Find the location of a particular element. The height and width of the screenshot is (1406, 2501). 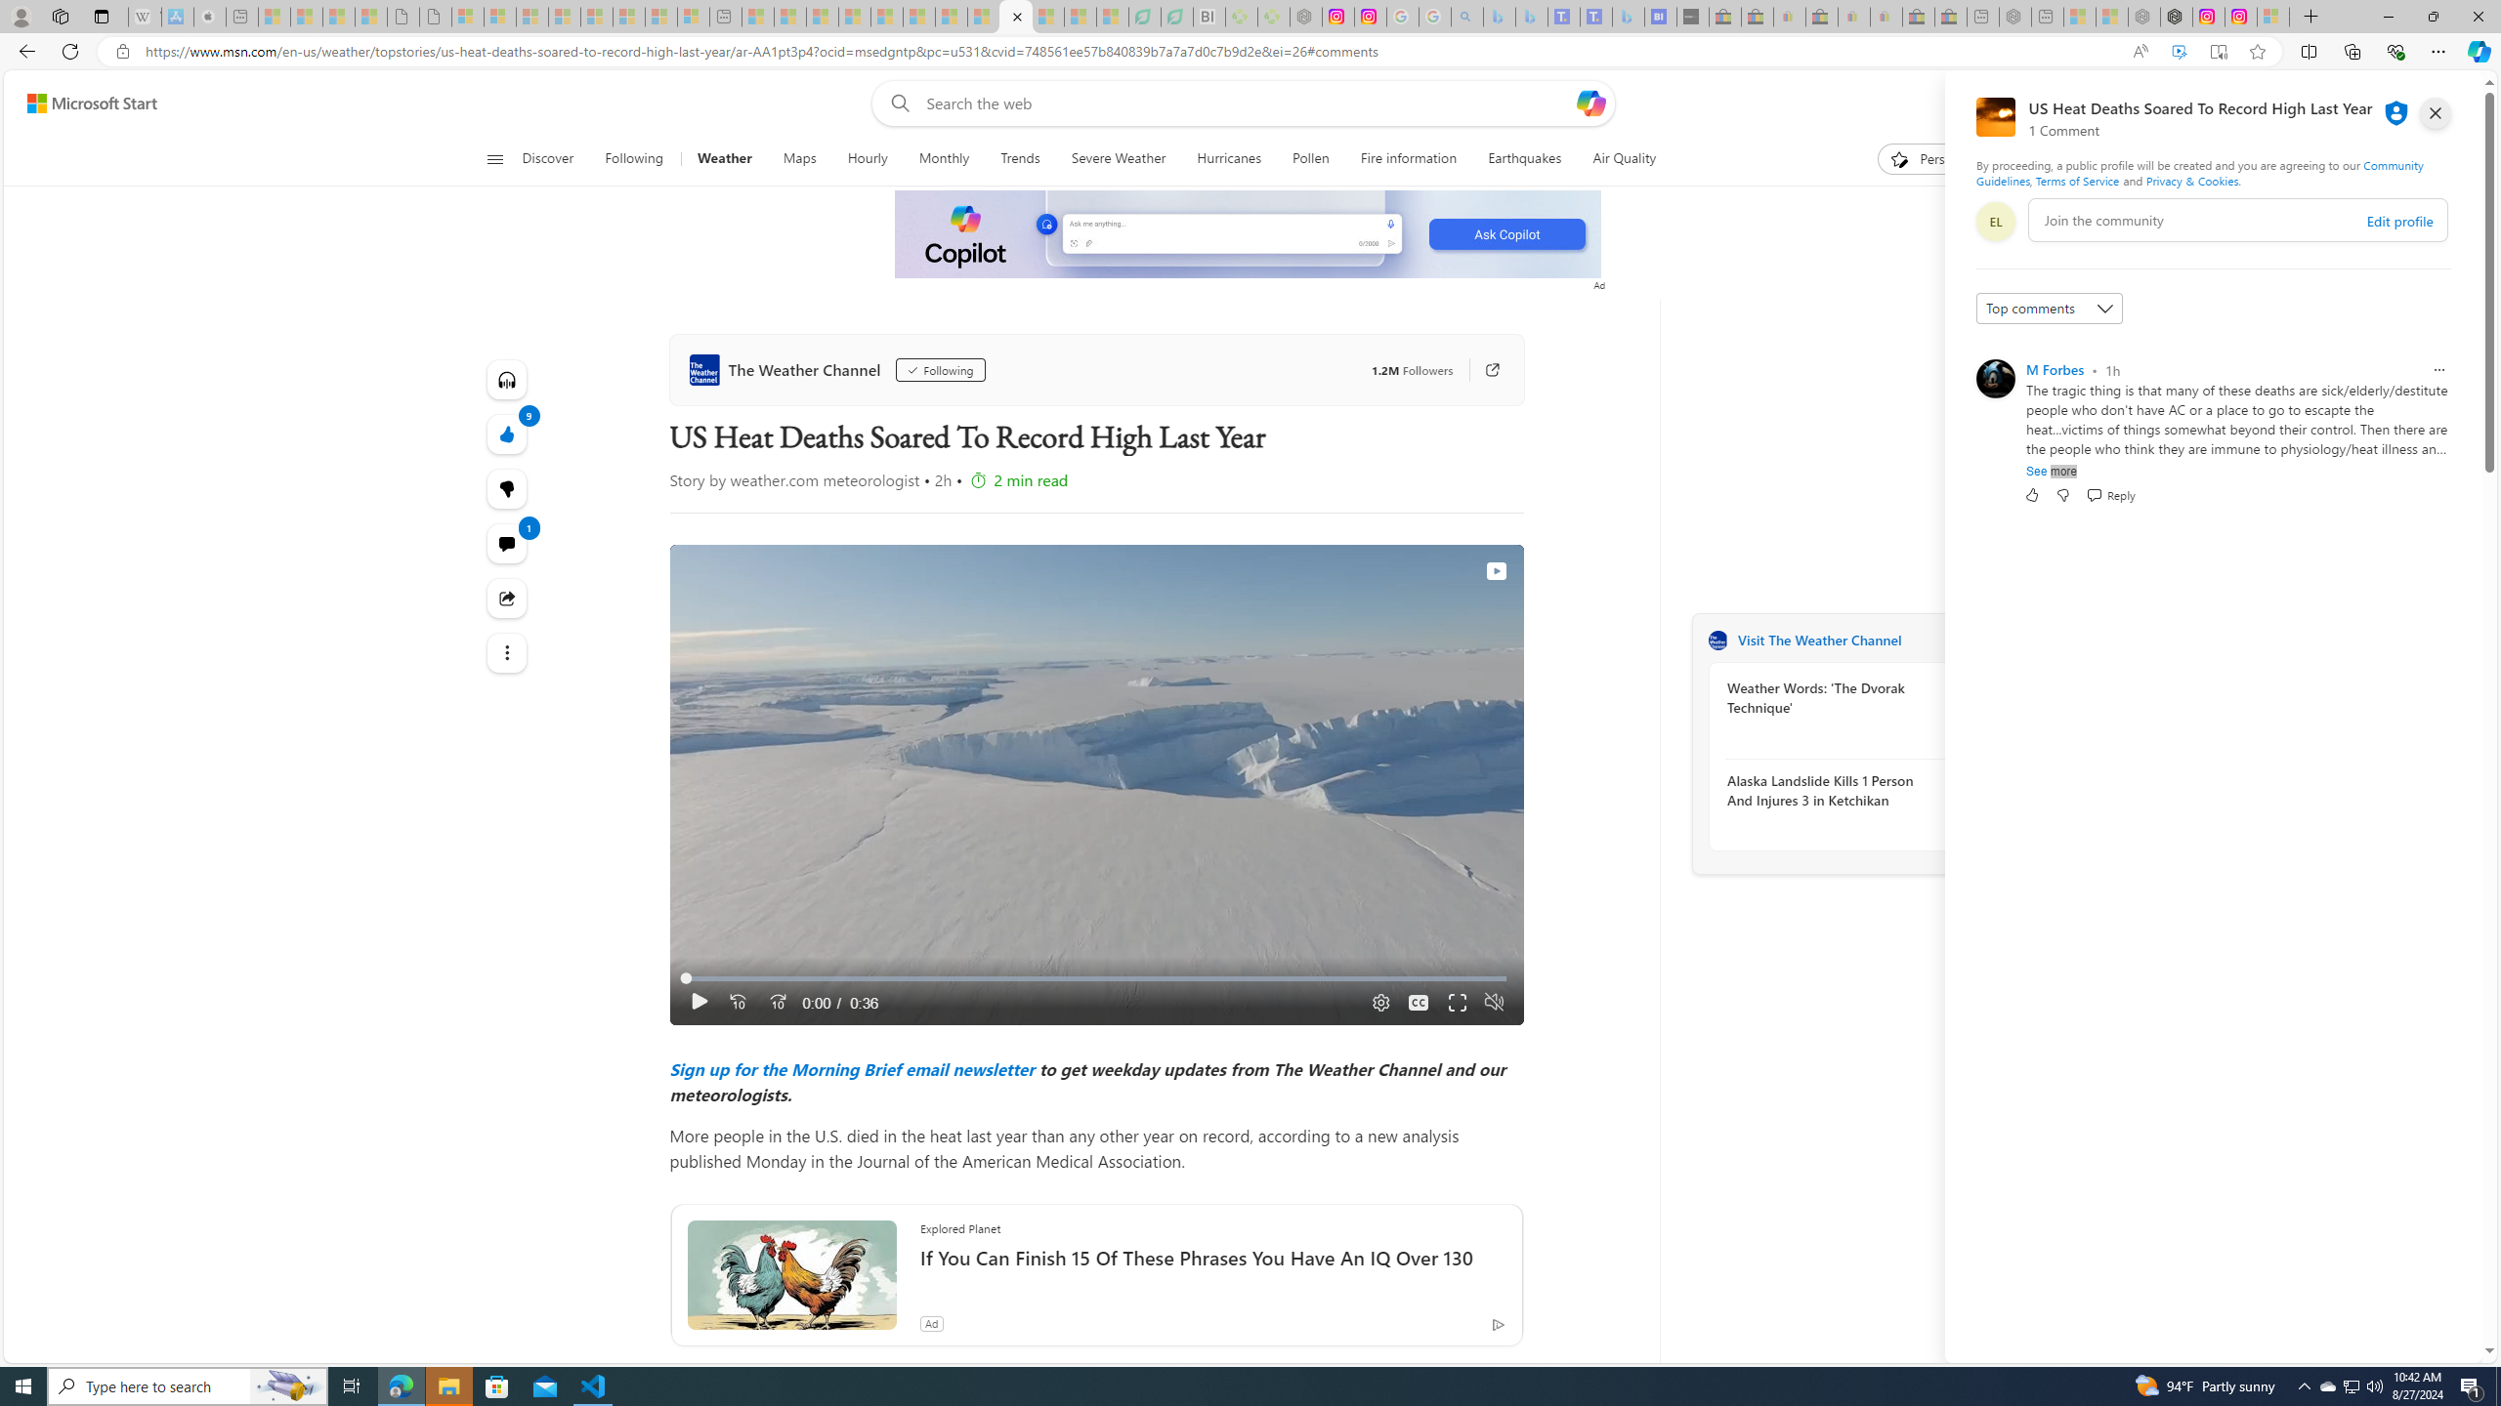

'Press Room - eBay Inc. - Sleeping' is located at coordinates (1917, 16).